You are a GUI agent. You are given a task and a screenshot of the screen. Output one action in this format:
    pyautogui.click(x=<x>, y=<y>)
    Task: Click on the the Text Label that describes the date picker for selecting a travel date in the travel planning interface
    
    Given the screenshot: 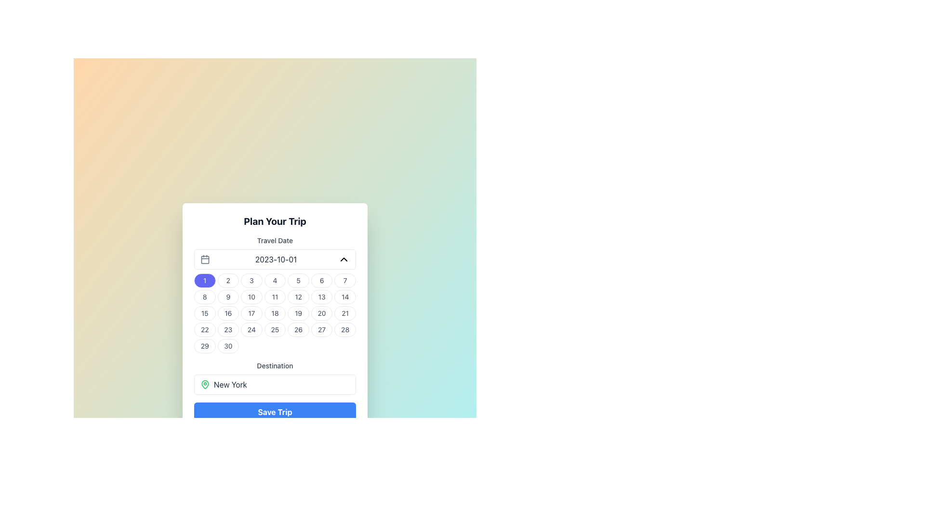 What is the action you would take?
    pyautogui.click(x=275, y=240)
    